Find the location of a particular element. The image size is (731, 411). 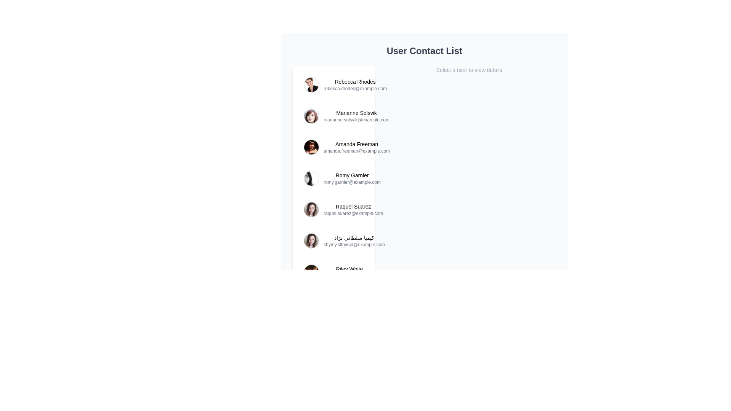

the text display element showing the user's name and email in the user contact list, located to the right of the profile picture is located at coordinates (354, 241).